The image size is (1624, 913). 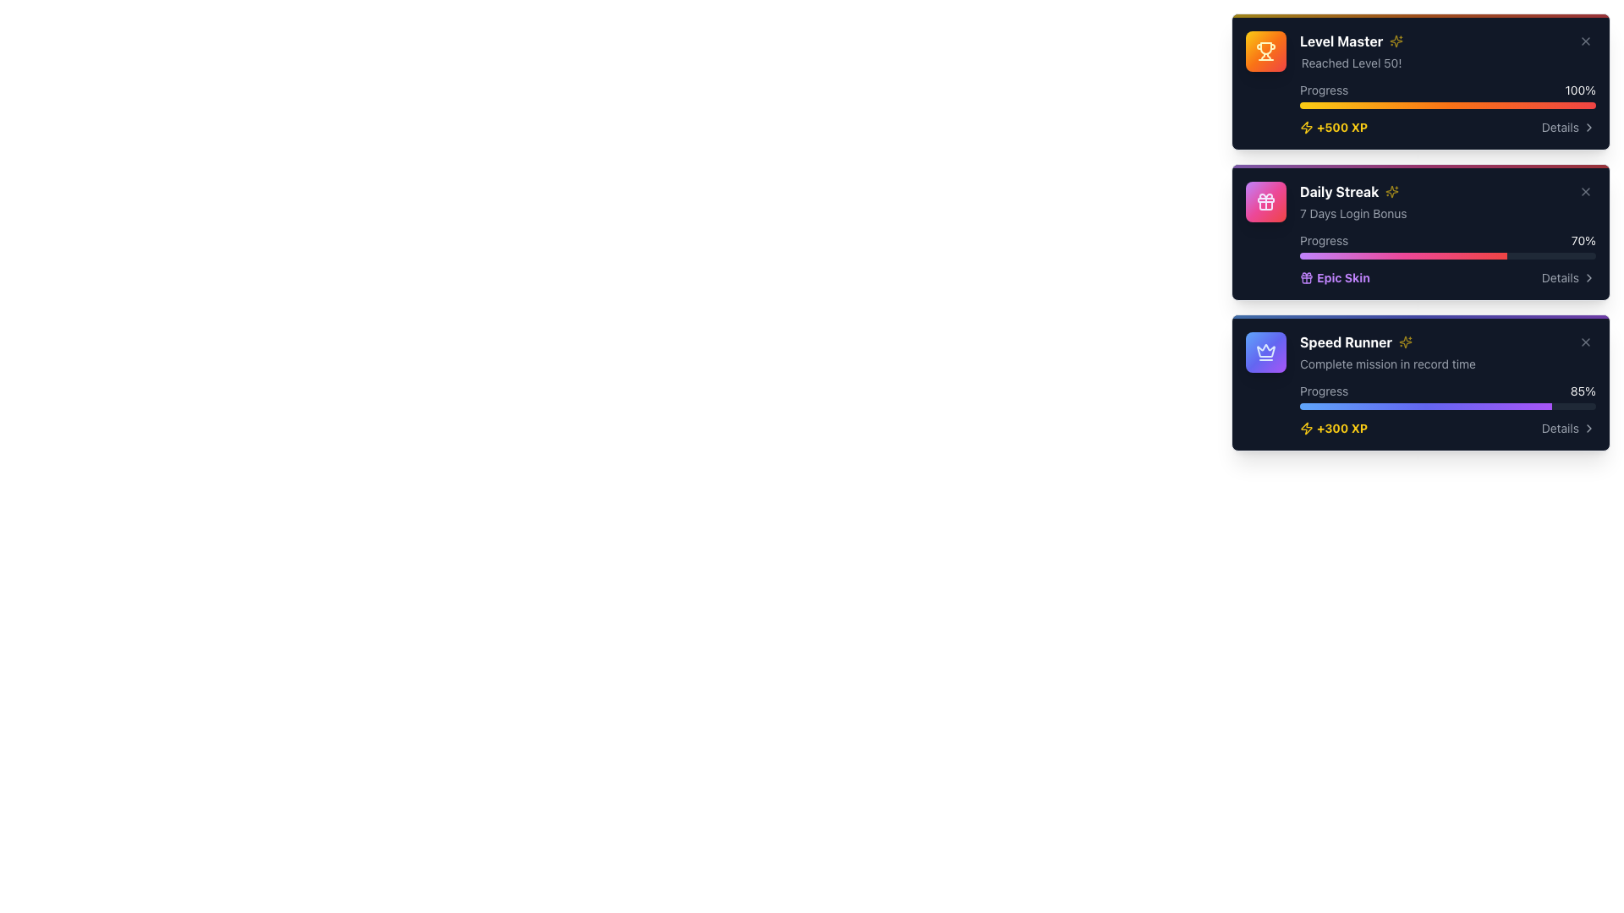 What do you see at coordinates (1334, 276) in the screenshot?
I see `the text label indicating 'Epic Skin' associated with the 'Daily Streak' list item, which is the first part of a group containing the label and an adjacent icon` at bounding box center [1334, 276].